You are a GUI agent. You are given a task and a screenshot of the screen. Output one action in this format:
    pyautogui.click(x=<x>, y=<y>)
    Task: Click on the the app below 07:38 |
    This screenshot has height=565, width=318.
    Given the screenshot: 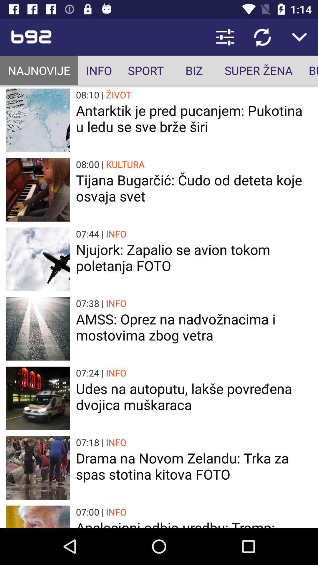 What is the action you would take?
    pyautogui.click(x=194, y=327)
    